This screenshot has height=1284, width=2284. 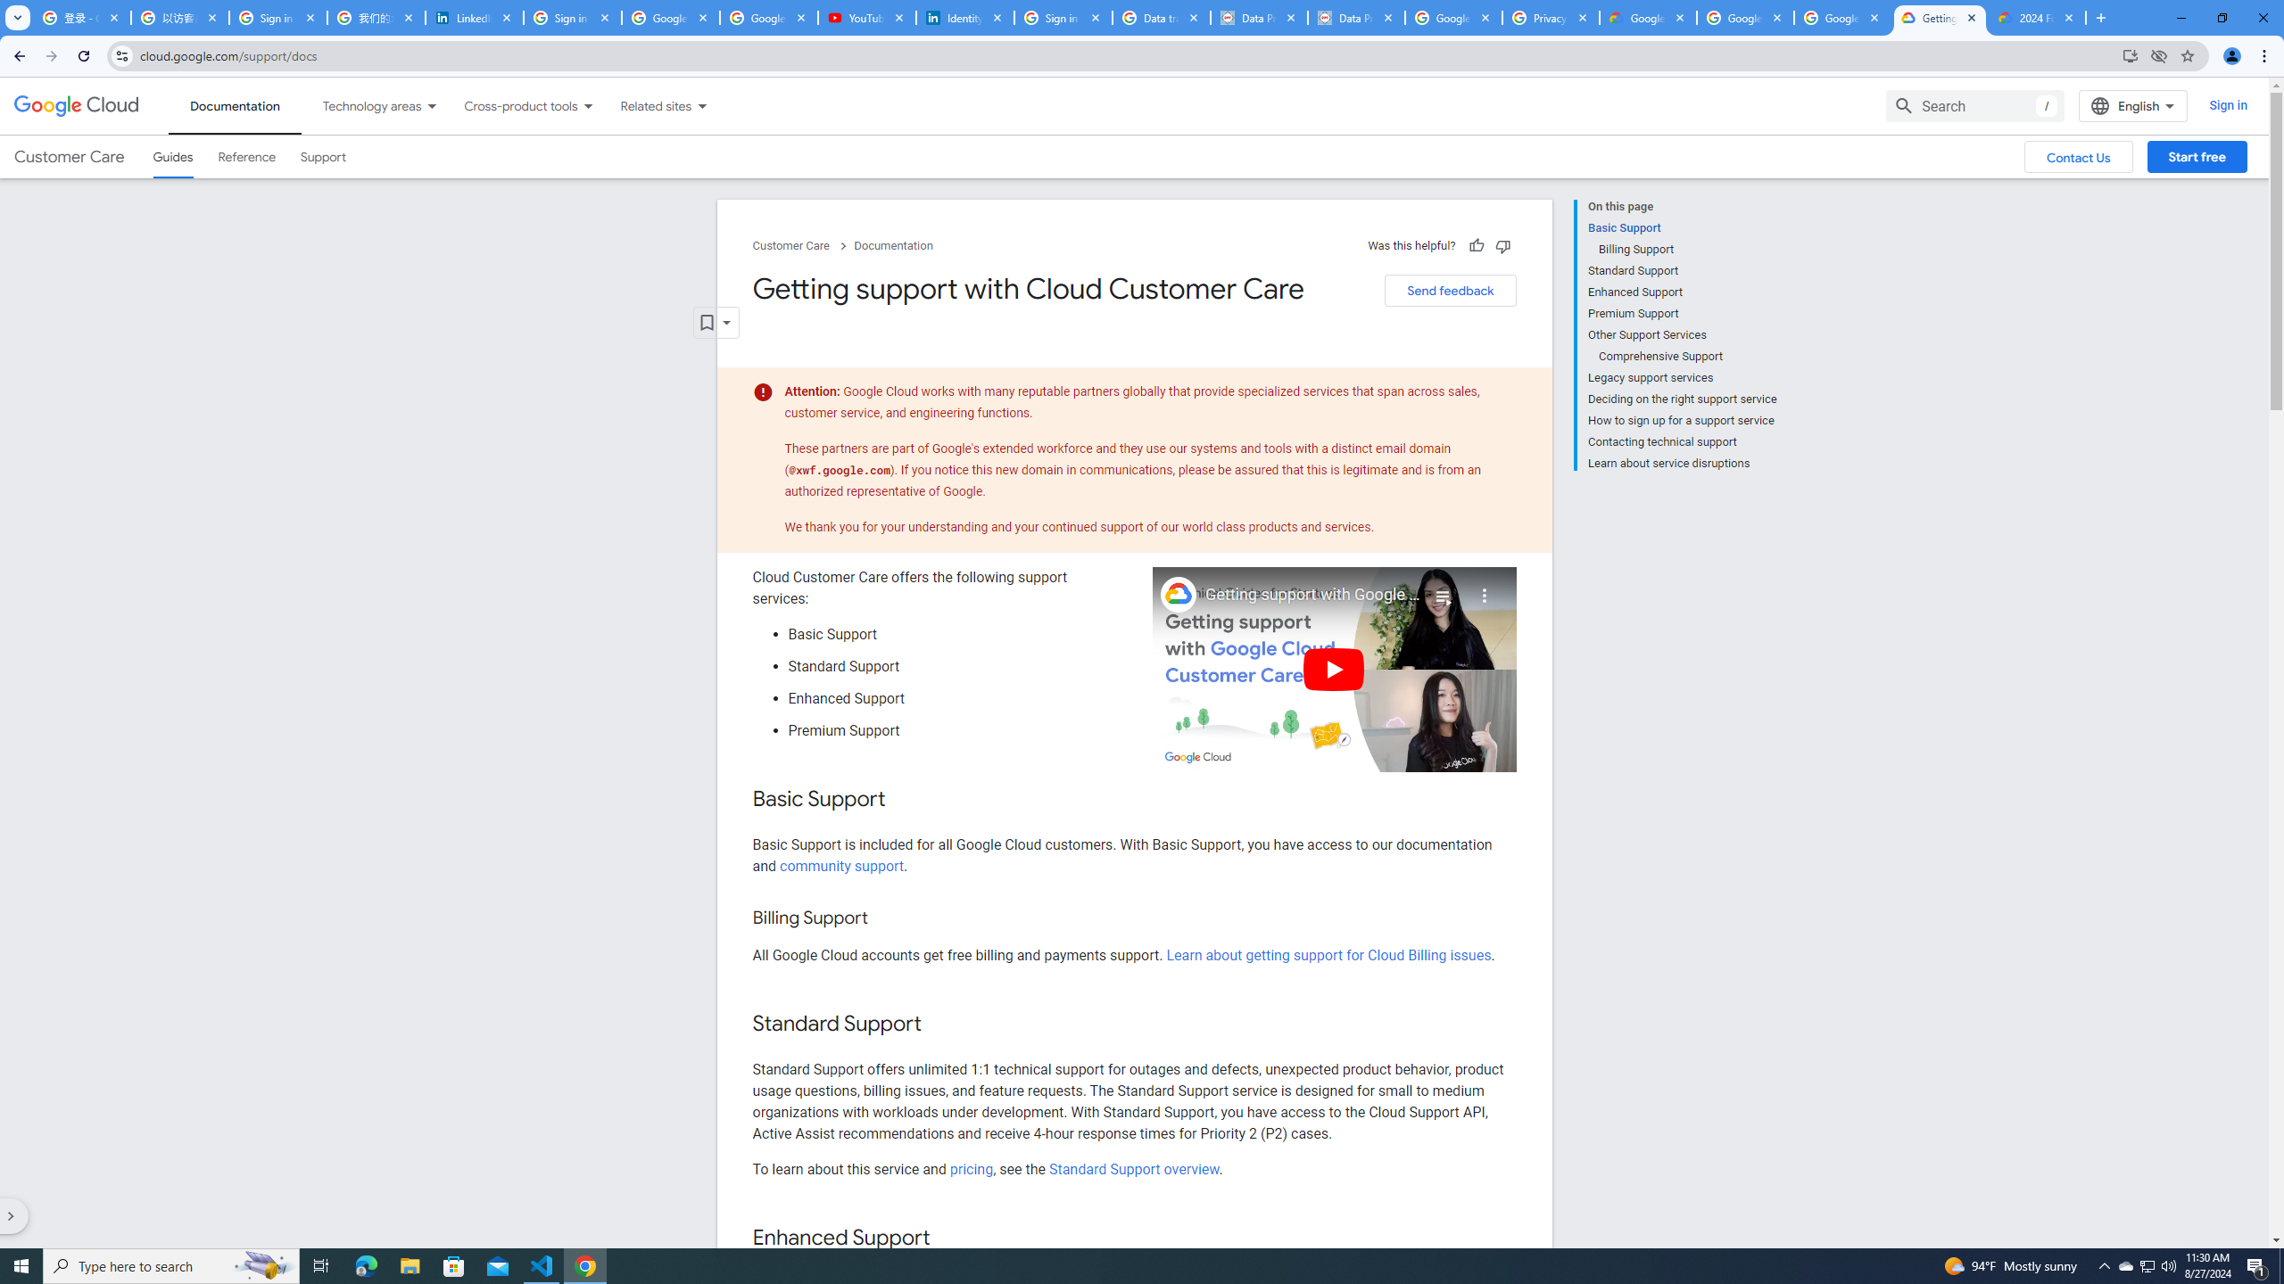 I want to click on 'Learn about service disruptions', so click(x=1681, y=461).